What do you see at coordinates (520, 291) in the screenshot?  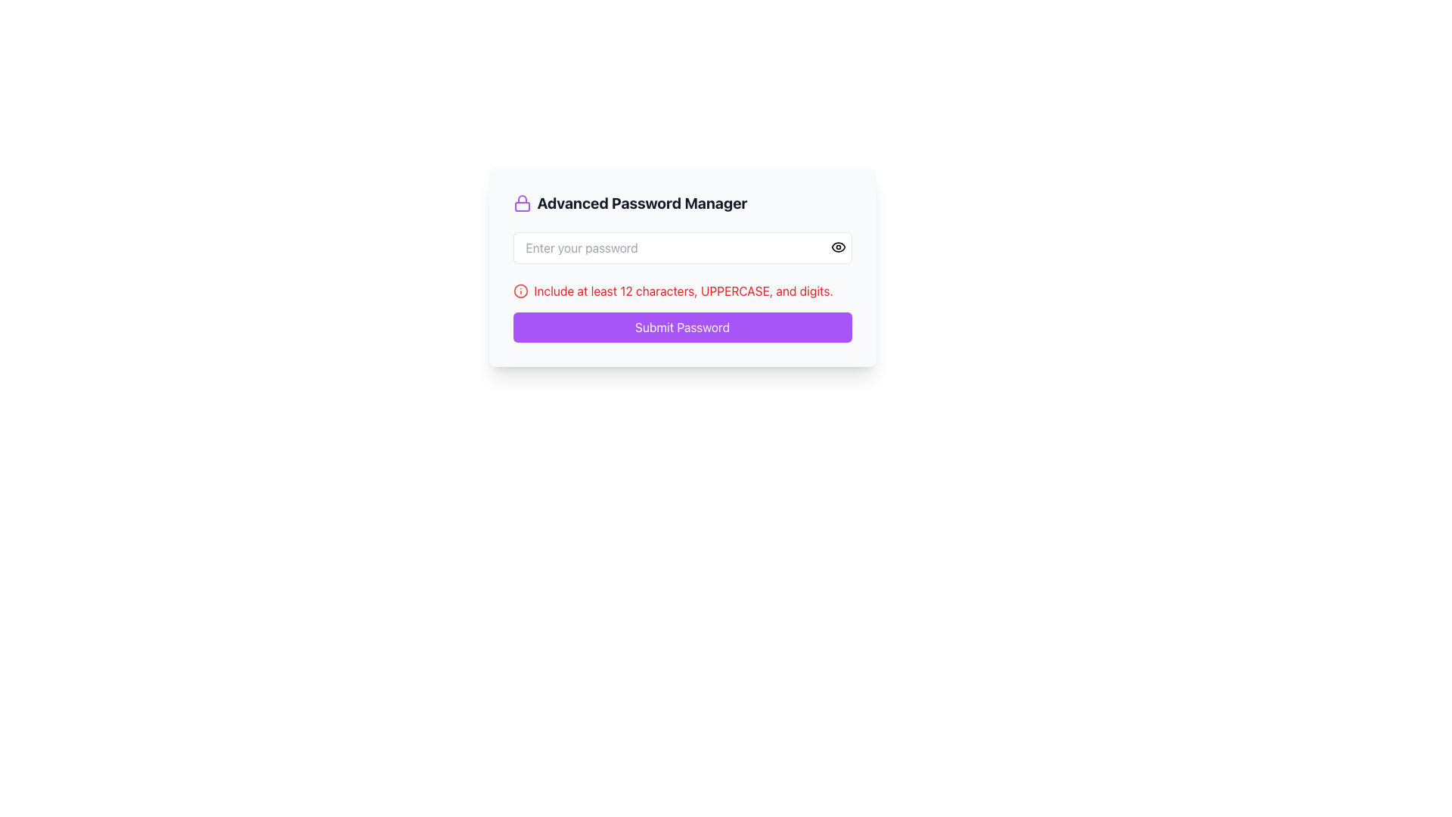 I see `the SVG Icon that visually indicates information or warning related to password requirements, positioned to the left of the text message about password criteria` at bounding box center [520, 291].